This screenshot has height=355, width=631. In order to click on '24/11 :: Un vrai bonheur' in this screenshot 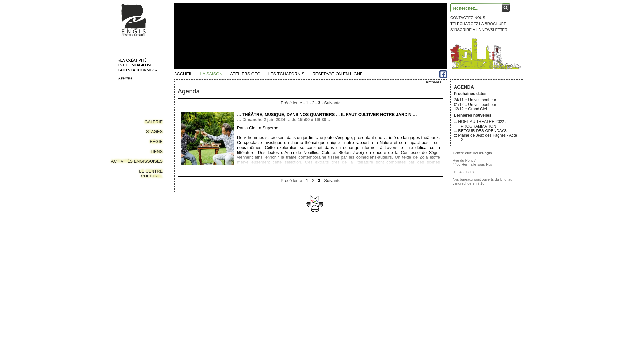, I will do `click(475, 100)`.